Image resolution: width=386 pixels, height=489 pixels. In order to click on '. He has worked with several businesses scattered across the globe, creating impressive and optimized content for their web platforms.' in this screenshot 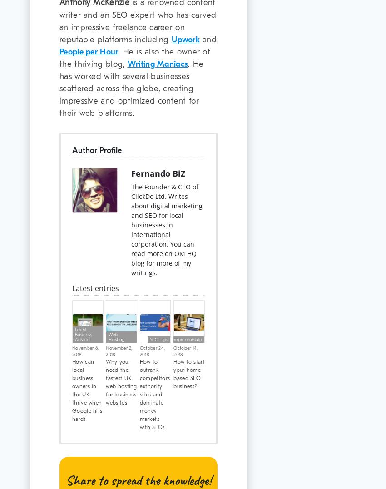, I will do `click(131, 88)`.